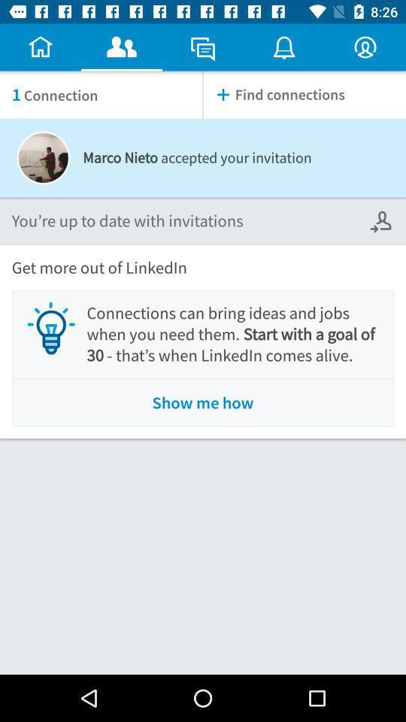  I want to click on 1 connection, so click(101, 94).